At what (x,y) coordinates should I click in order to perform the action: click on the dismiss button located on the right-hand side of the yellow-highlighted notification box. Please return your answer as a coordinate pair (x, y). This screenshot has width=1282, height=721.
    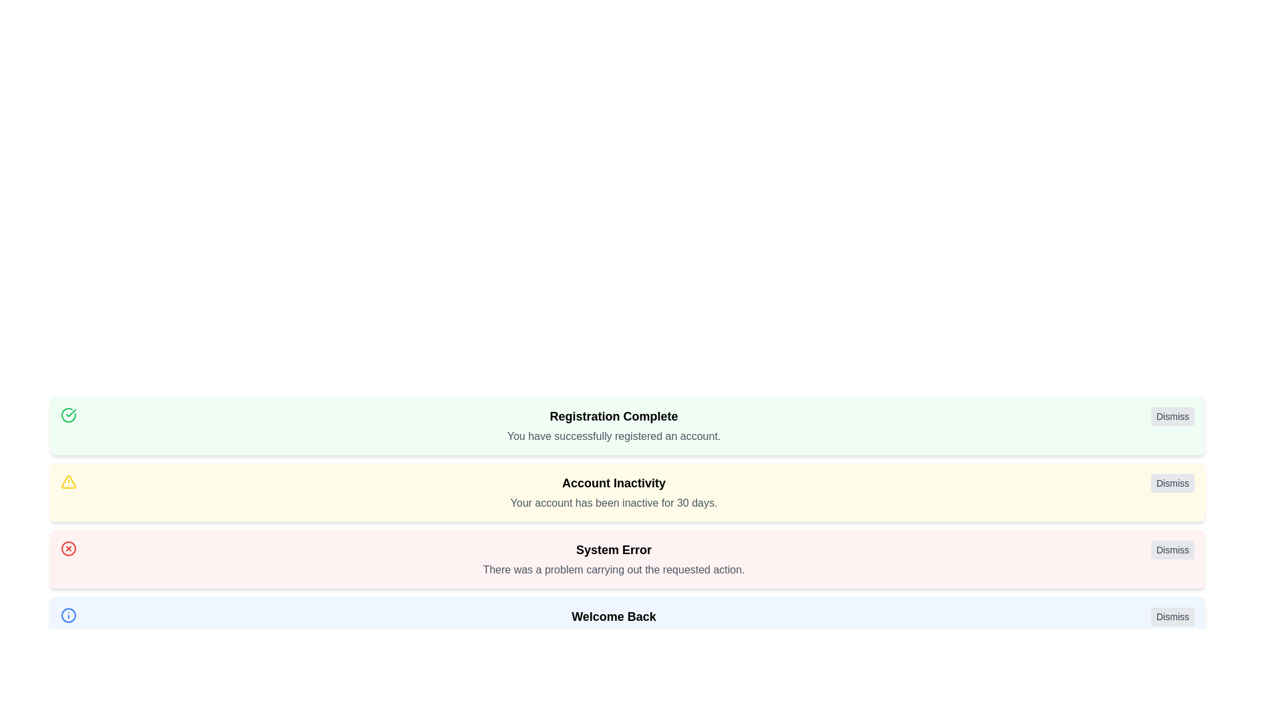
    Looking at the image, I should click on (1172, 483).